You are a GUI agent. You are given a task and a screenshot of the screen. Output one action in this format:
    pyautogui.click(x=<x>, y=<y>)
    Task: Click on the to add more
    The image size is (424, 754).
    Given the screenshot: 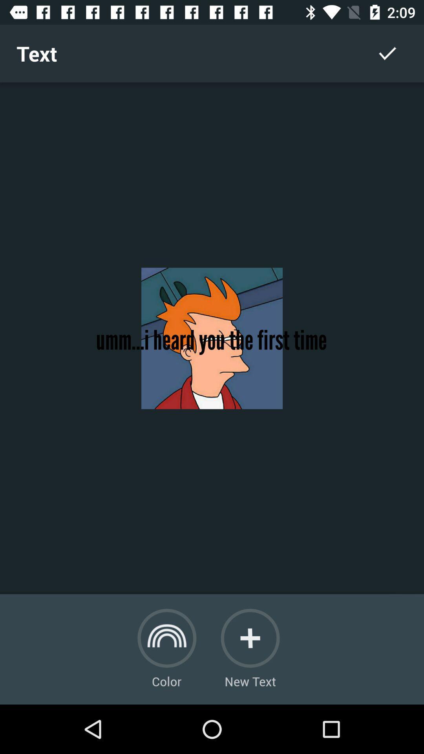 What is the action you would take?
    pyautogui.click(x=250, y=638)
    